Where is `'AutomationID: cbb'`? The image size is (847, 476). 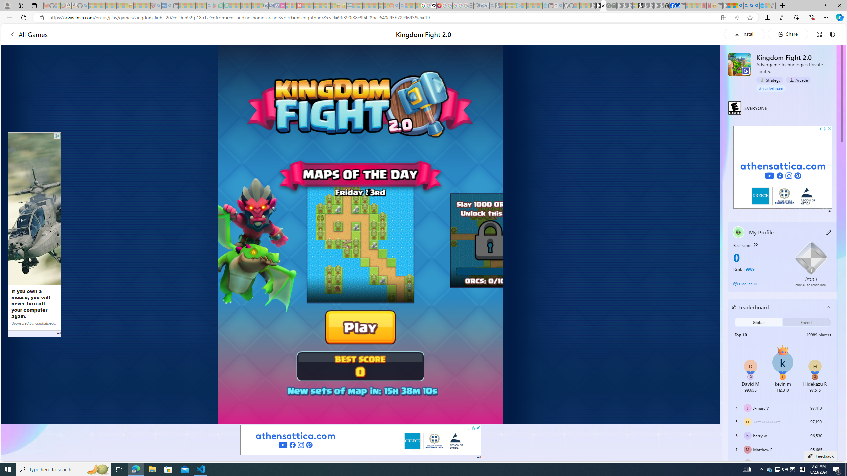 'AutomationID: cbb' is located at coordinates (829, 128).